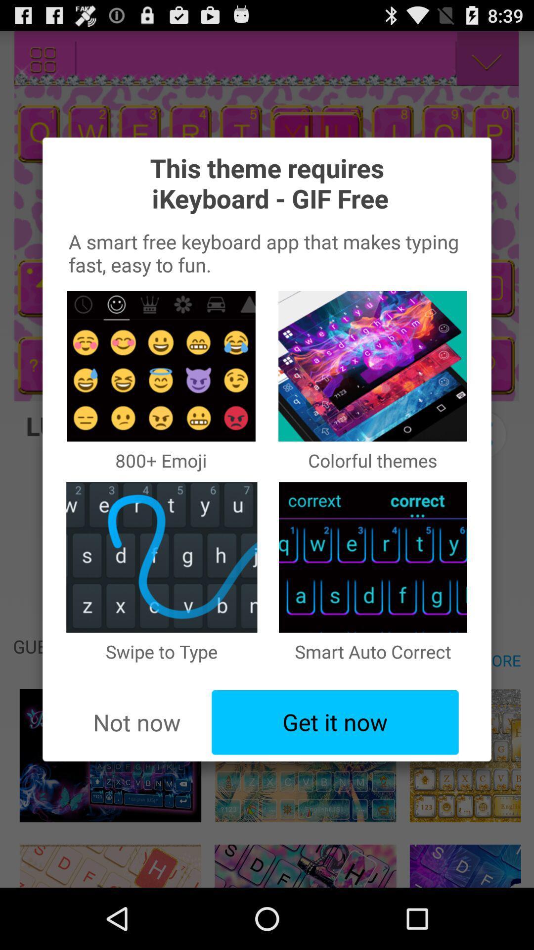 The width and height of the screenshot is (534, 950). Describe the element at coordinates (335, 722) in the screenshot. I see `icon at the bottom` at that location.